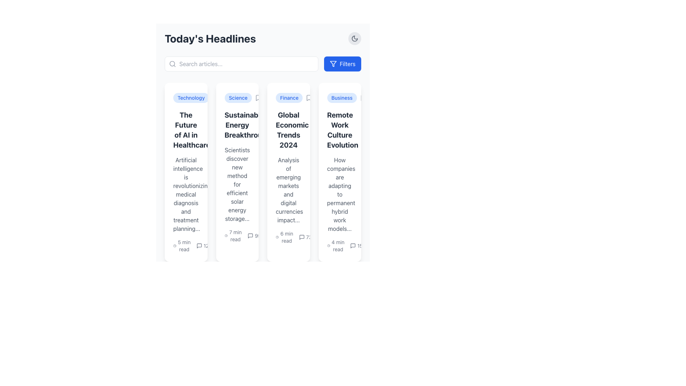  I want to click on the comment icon located at the bottom section of the fourth content card to interact with the comment feature, so click(353, 245).